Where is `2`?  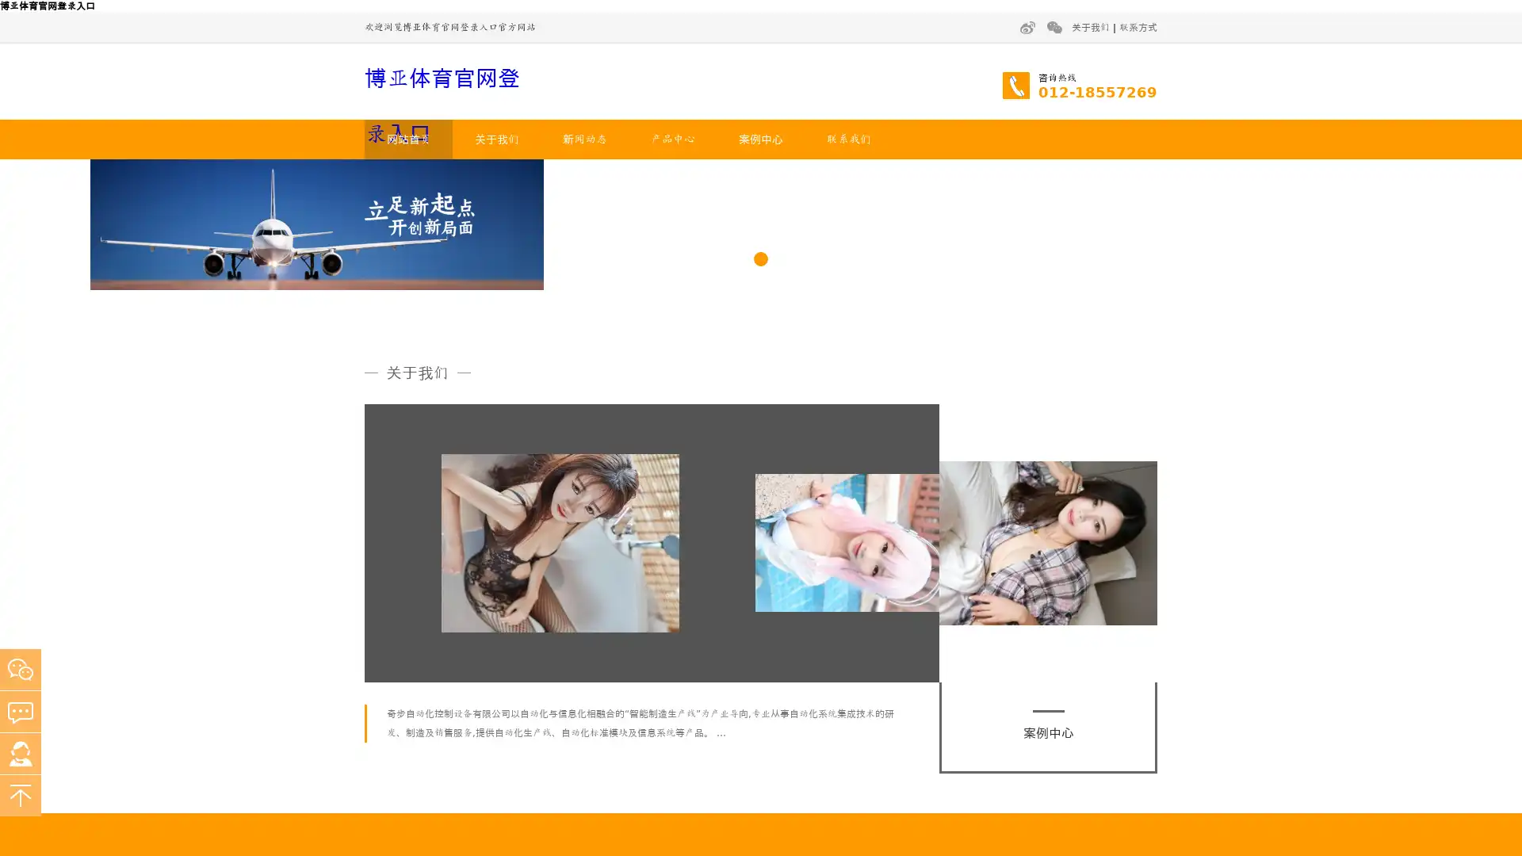
2 is located at coordinates (761, 441).